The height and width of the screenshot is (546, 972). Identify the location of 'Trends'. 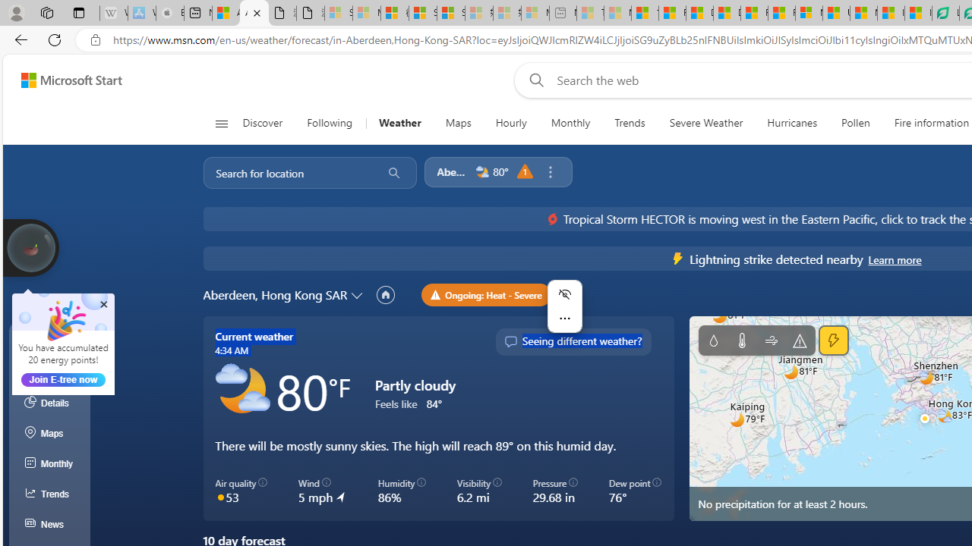
(630, 123).